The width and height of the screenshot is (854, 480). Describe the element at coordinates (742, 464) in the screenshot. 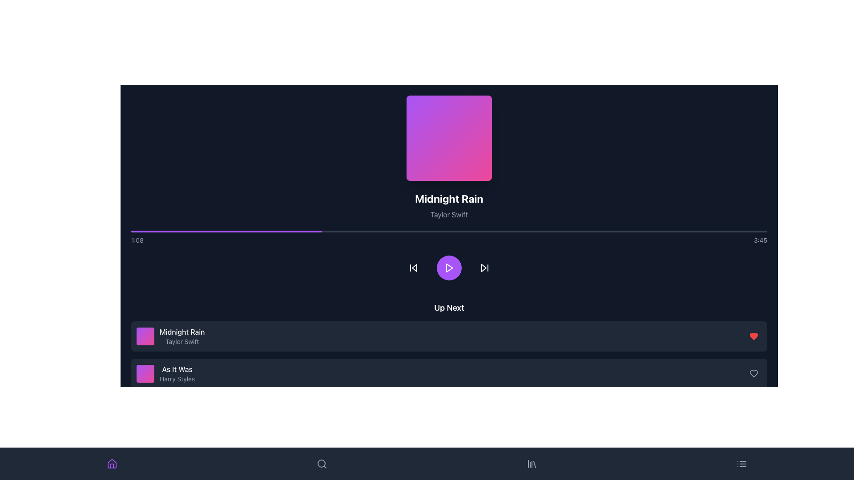

I see `the small icon resembling a list, characterized by three horizontal lines with dots, located on the far right side of the bottom navigation bar` at that location.